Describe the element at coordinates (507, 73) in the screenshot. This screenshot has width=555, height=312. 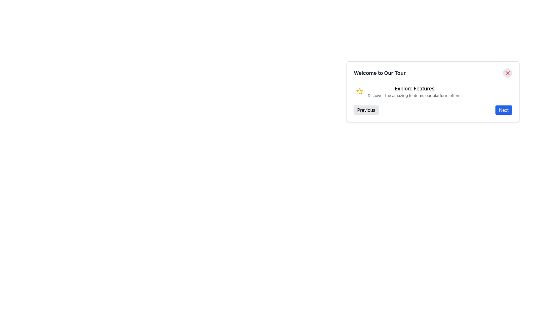
I see `the red 'X' Close button in the top-right corner of the 'Welcome to Our Tour' modal dialog` at that location.